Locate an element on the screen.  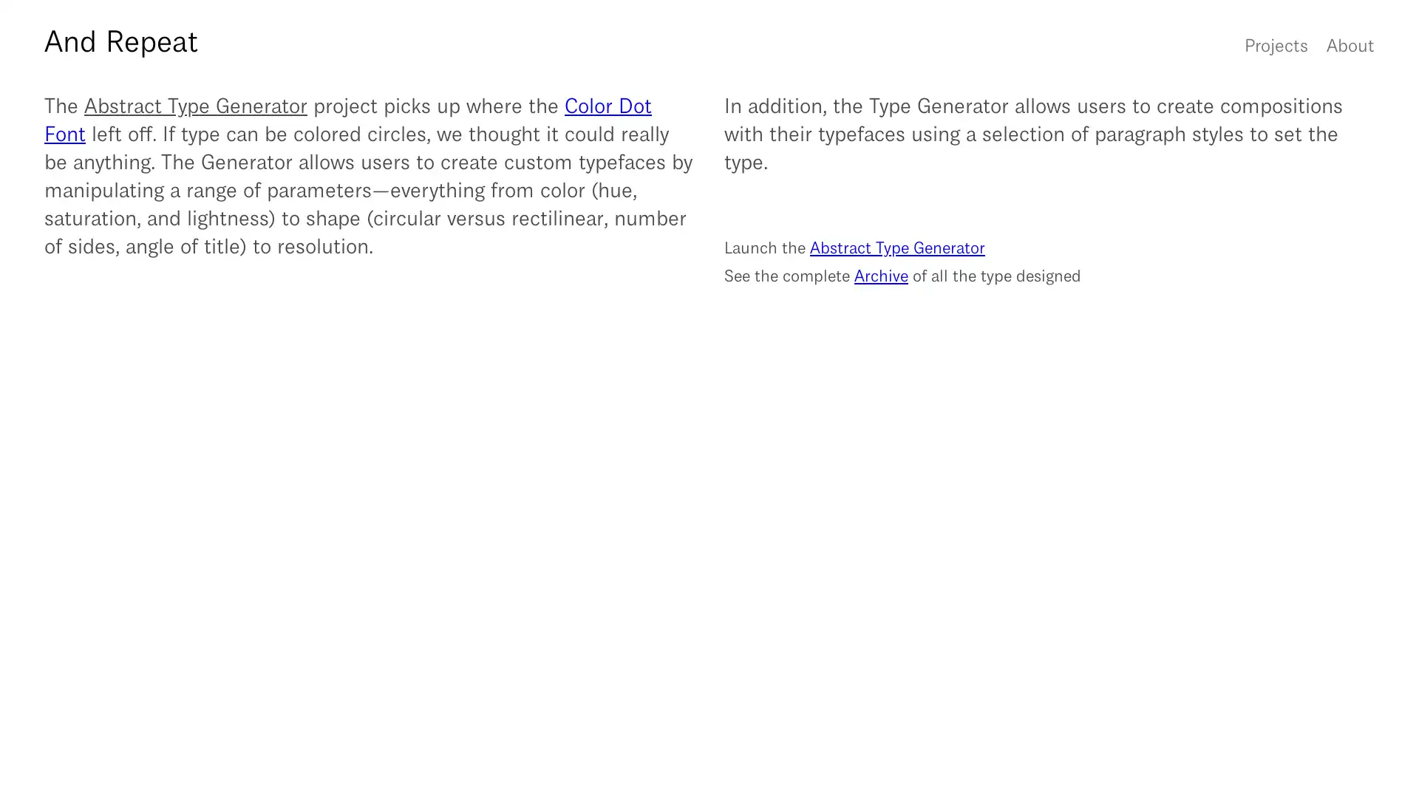
Projects is located at coordinates (1276, 44).